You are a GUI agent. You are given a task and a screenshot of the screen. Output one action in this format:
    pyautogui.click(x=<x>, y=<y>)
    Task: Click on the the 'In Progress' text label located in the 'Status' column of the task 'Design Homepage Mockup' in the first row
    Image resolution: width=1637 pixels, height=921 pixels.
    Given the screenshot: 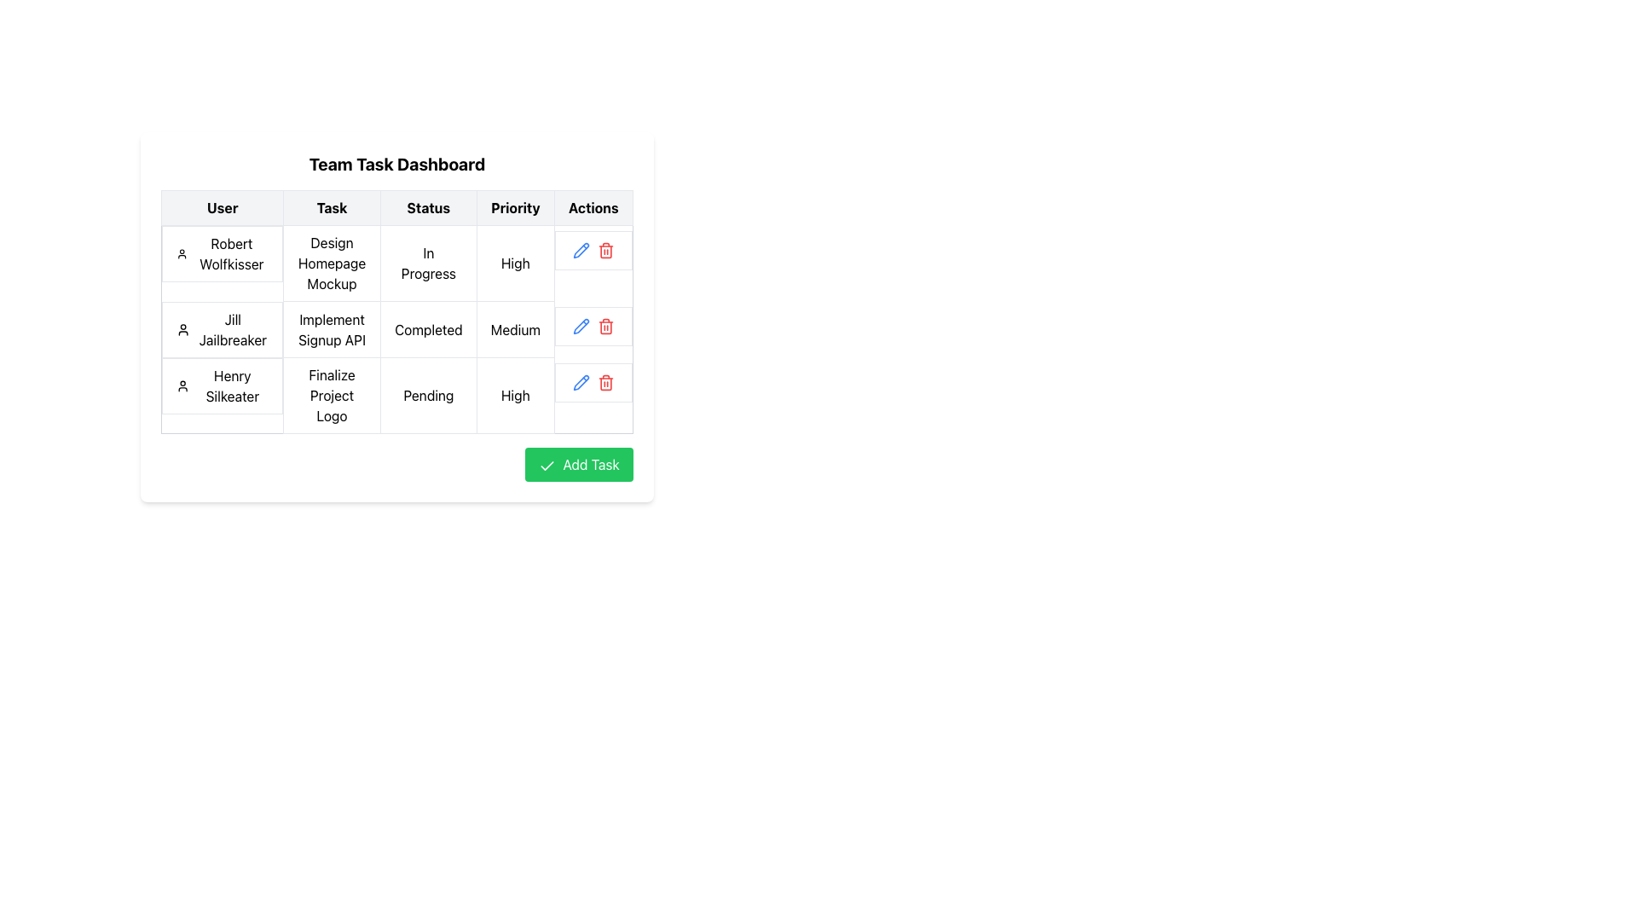 What is the action you would take?
    pyautogui.click(x=428, y=263)
    